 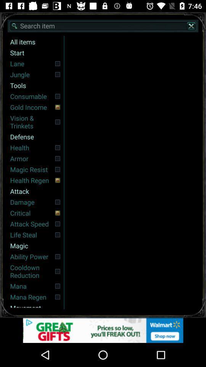 I want to click on open the advertisement, so click(x=103, y=330).